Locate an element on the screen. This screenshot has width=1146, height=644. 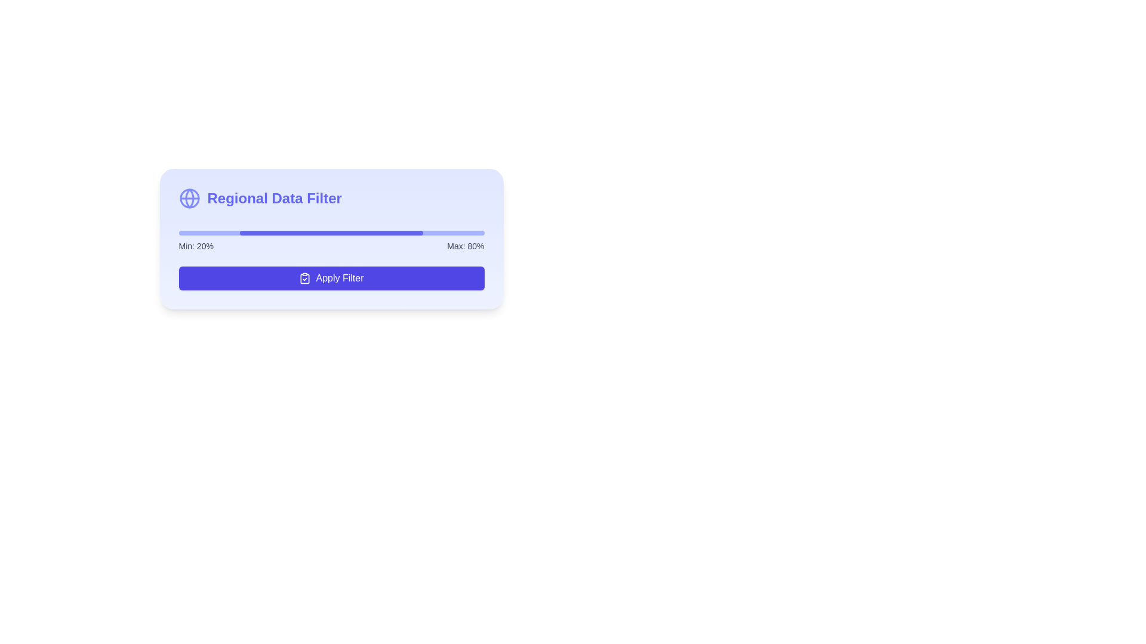
the filter value is located at coordinates (386, 233).